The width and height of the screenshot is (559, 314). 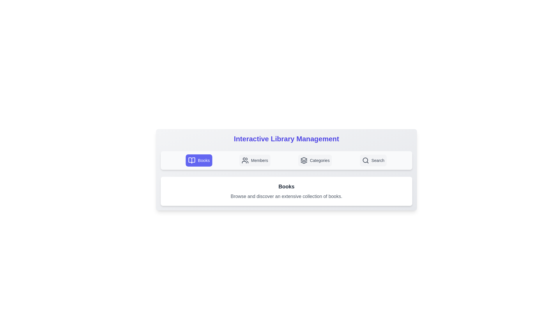 I want to click on the button for books located in the top navigation bar, so click(x=199, y=160).